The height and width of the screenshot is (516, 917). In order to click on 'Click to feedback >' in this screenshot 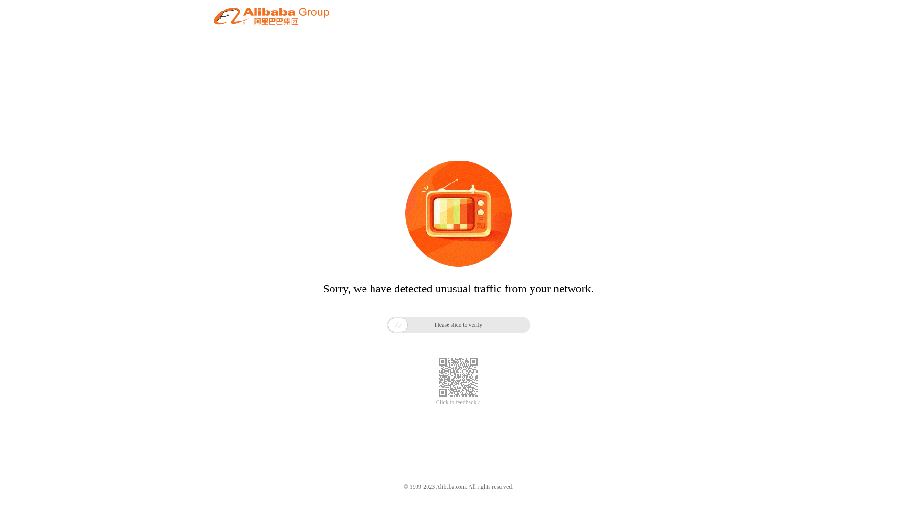, I will do `click(458, 402)`.